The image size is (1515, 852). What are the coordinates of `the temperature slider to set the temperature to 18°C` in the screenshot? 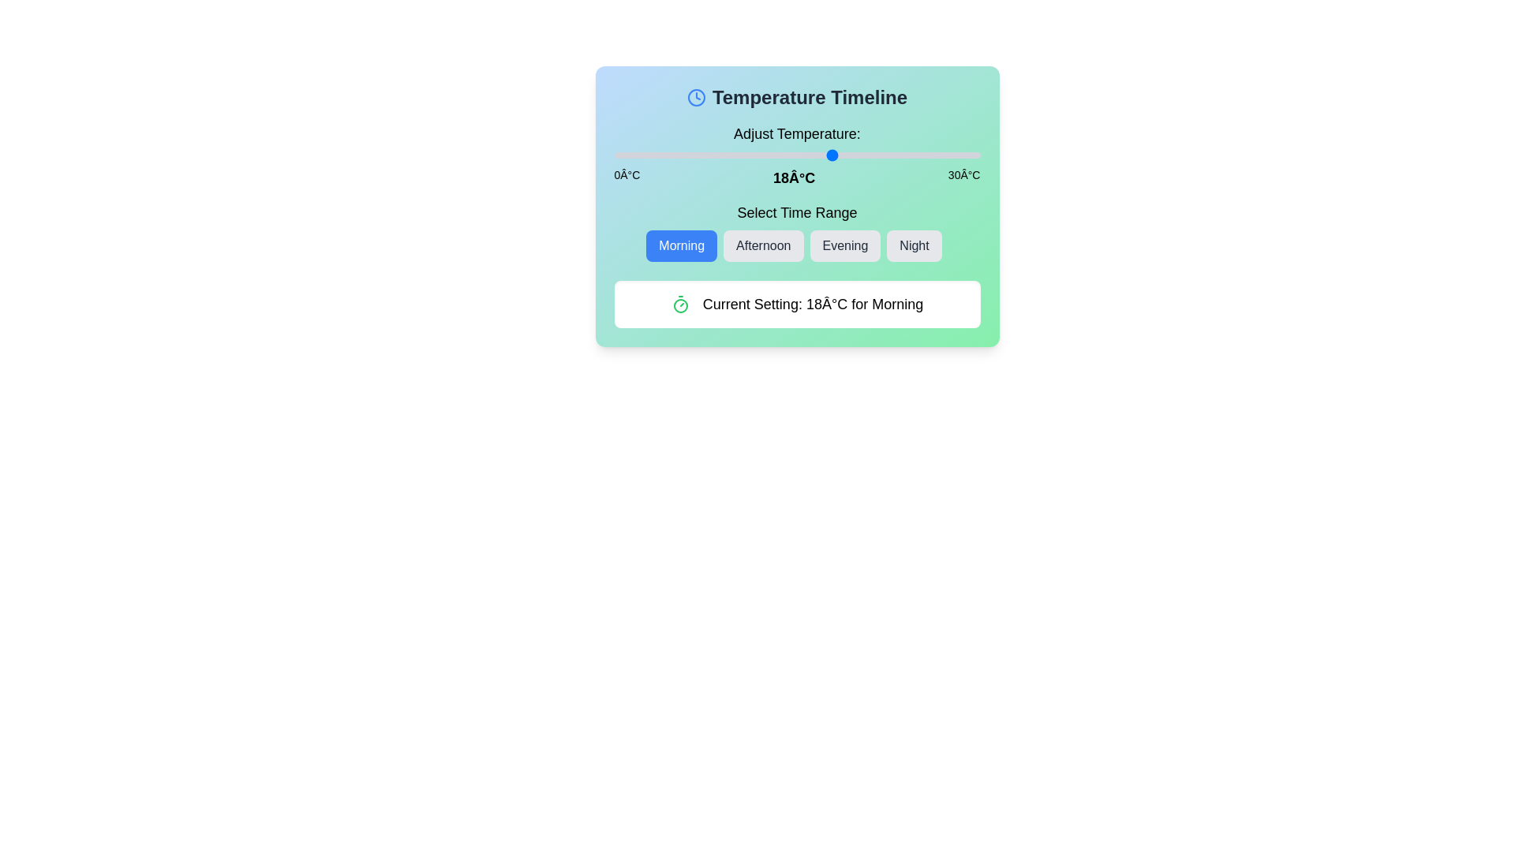 It's located at (832, 155).